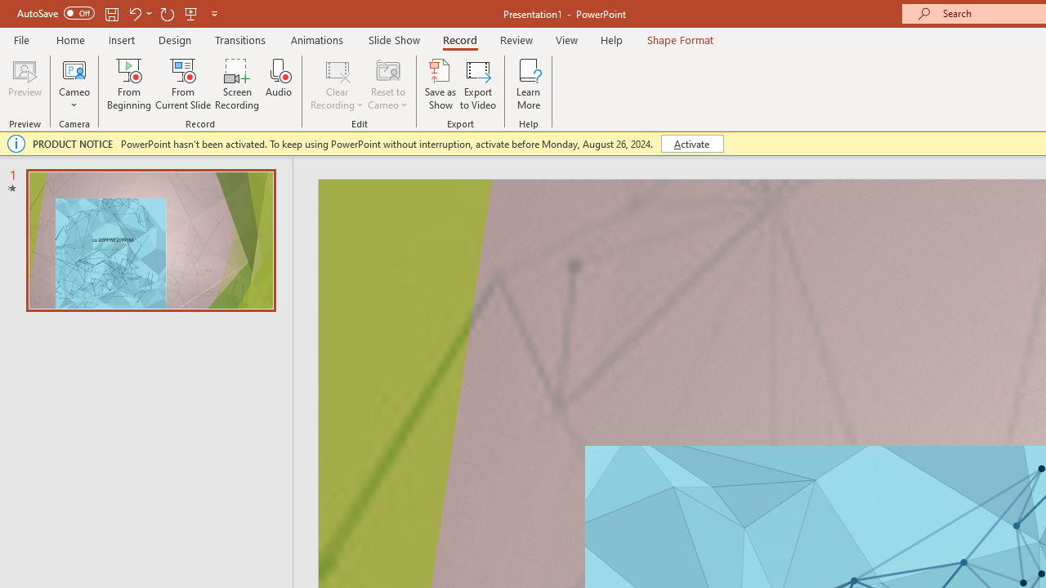 The image size is (1046, 588). I want to click on 'Clear Recording', so click(336, 84).